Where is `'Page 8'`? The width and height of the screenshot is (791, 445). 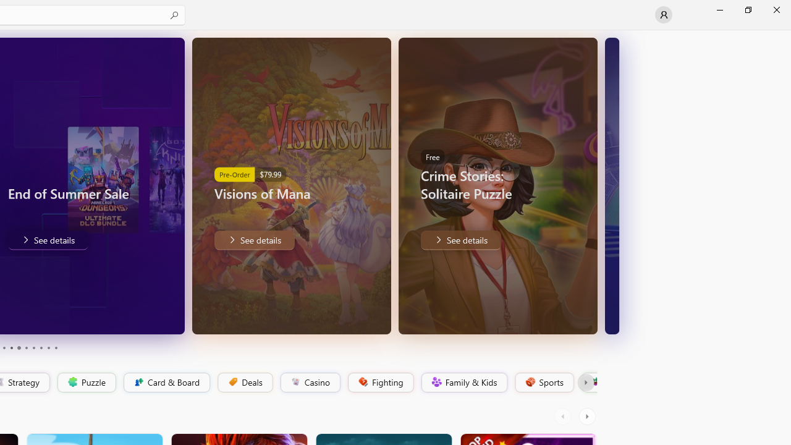
'Page 8' is located at coordinates (40, 348).